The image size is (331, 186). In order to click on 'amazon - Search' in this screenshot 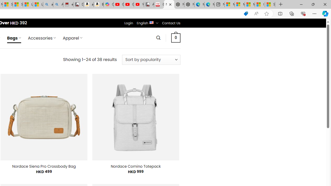, I will do `click(48, 4)`.